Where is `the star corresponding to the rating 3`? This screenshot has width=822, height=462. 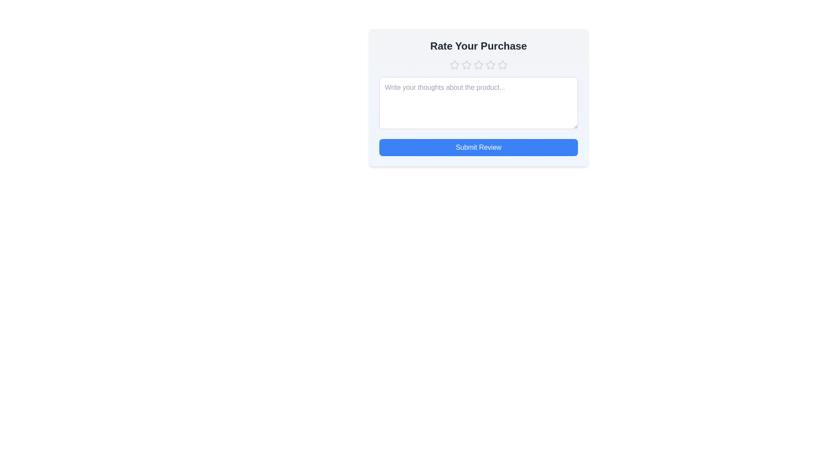 the star corresponding to the rating 3 is located at coordinates (478, 64).